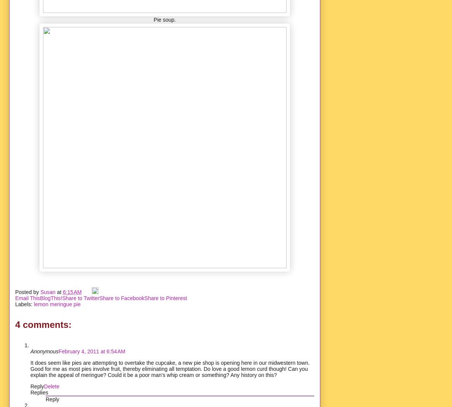  Describe the element at coordinates (40, 292) in the screenshot. I see `'Susan'` at that location.